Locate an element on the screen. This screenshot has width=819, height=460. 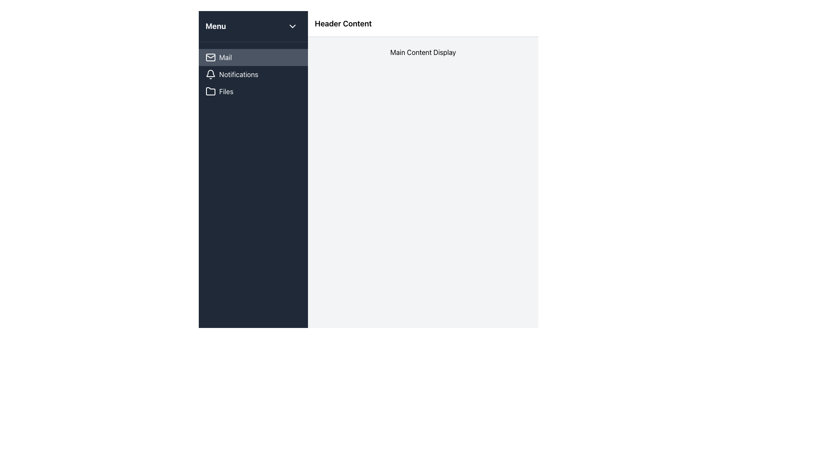
the static text element displaying 'Menu' in bold and large font located at the top-left corner of the dark background header section is located at coordinates (215, 26).